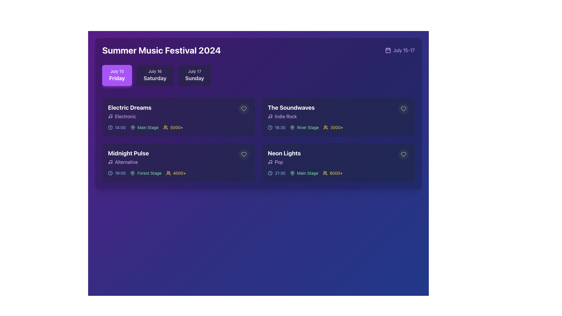 Image resolution: width=562 pixels, height=316 pixels. Describe the element at coordinates (403, 109) in the screenshot. I see `the favorite button located at the top-right corner of 'The Soundwaves' card layout, directly to the right of 'Indie Rock', to change its color` at that location.